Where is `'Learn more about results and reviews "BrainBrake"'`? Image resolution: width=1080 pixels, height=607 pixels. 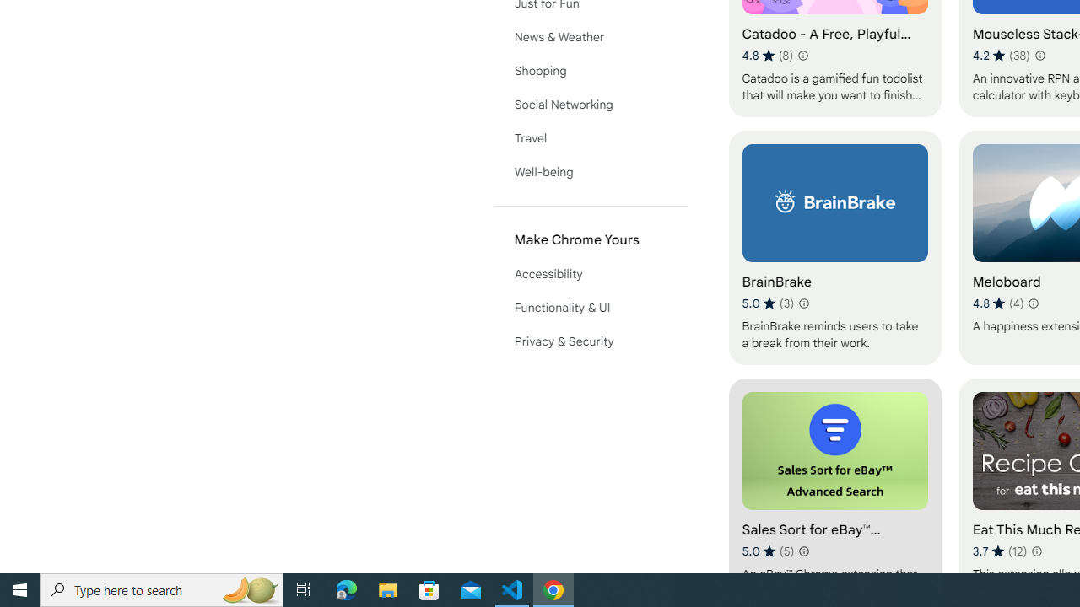 'Learn more about results and reviews "BrainBrake"' is located at coordinates (802, 303).